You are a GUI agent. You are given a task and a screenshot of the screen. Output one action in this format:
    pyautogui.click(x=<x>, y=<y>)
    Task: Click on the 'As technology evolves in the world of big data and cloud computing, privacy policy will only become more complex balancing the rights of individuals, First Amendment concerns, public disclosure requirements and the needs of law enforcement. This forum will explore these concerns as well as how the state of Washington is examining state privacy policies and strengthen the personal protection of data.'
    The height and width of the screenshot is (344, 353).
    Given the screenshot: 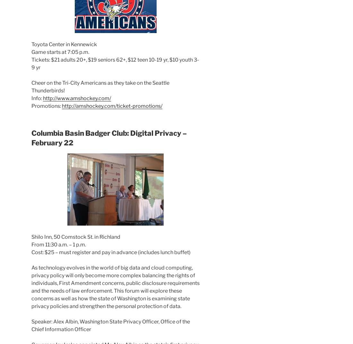 What is the action you would take?
    pyautogui.click(x=116, y=287)
    